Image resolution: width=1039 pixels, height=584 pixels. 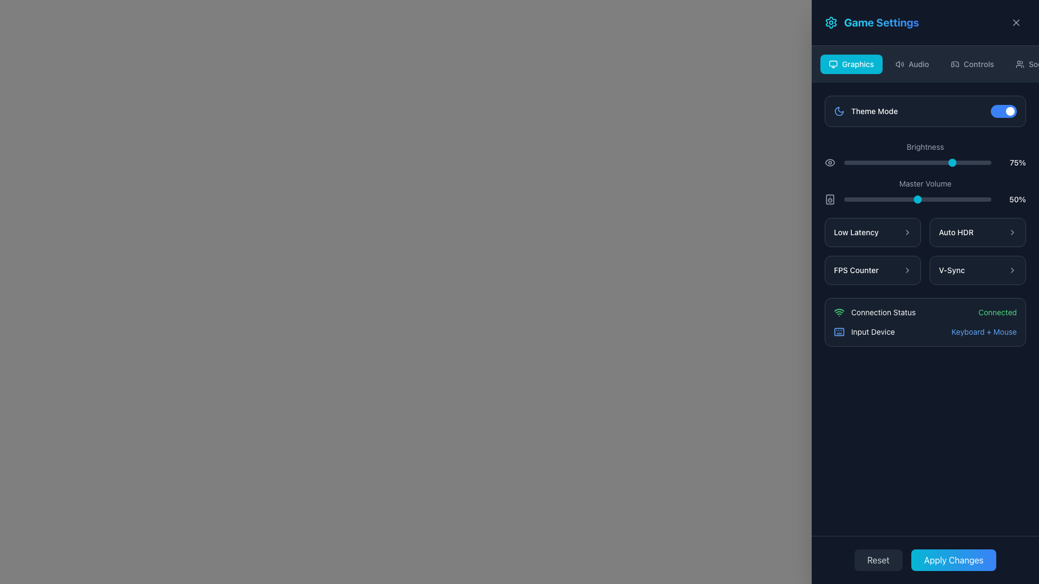 What do you see at coordinates (852, 200) in the screenshot?
I see `the Master Volume` at bounding box center [852, 200].